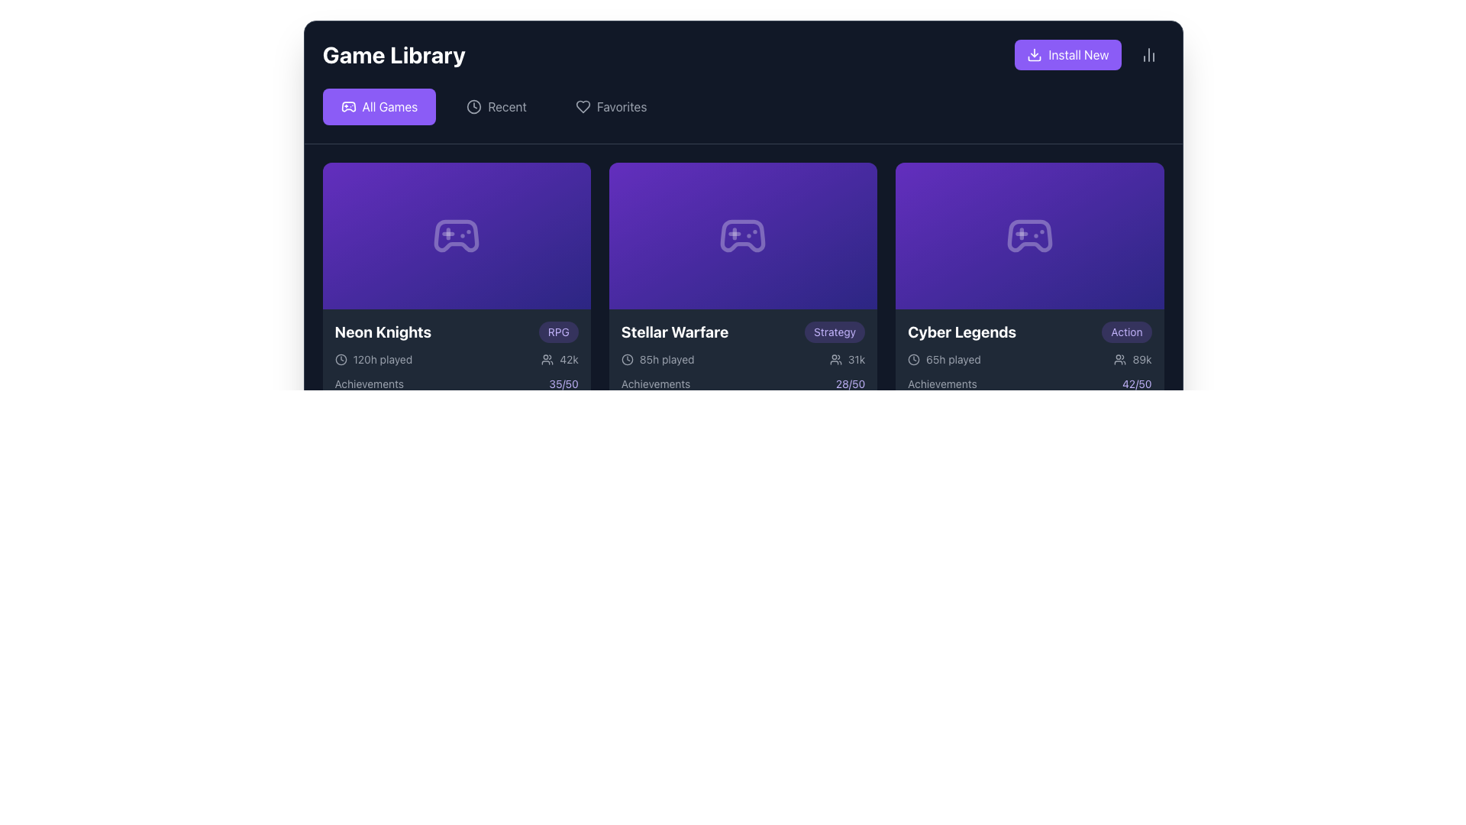 This screenshot has width=1466, height=825. Describe the element at coordinates (743, 383) in the screenshot. I see `the Text display with progress information that shows 'Achievements' on the left in gray font and '28/50' on the right in violet font, located in the lower part of the middle card labeled 'Stellar Warfare'` at that location.